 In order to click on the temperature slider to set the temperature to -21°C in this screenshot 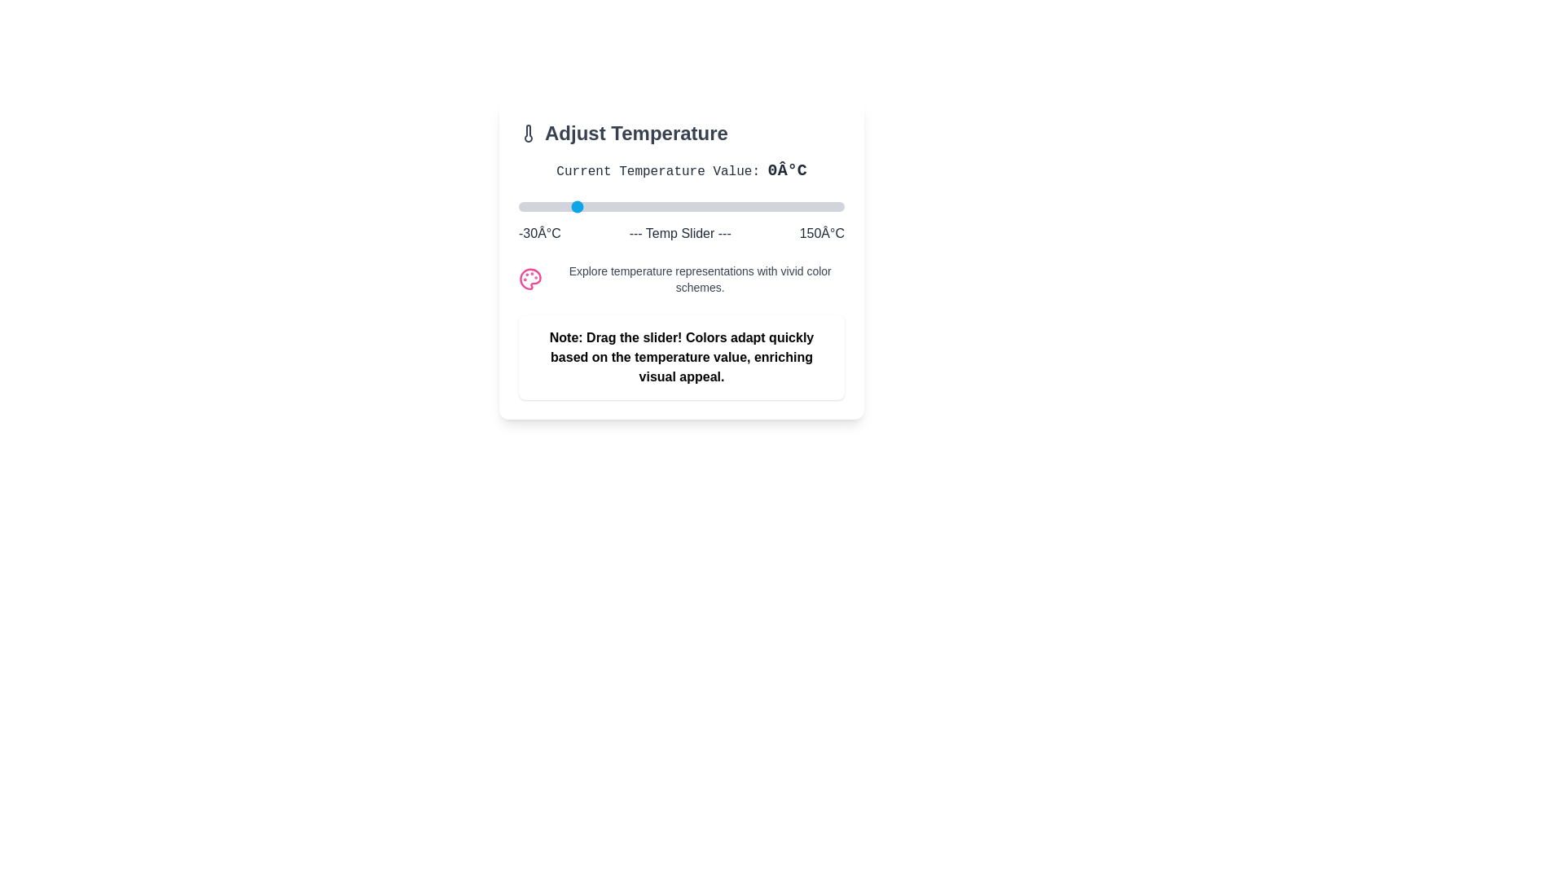, I will do `click(535, 206)`.